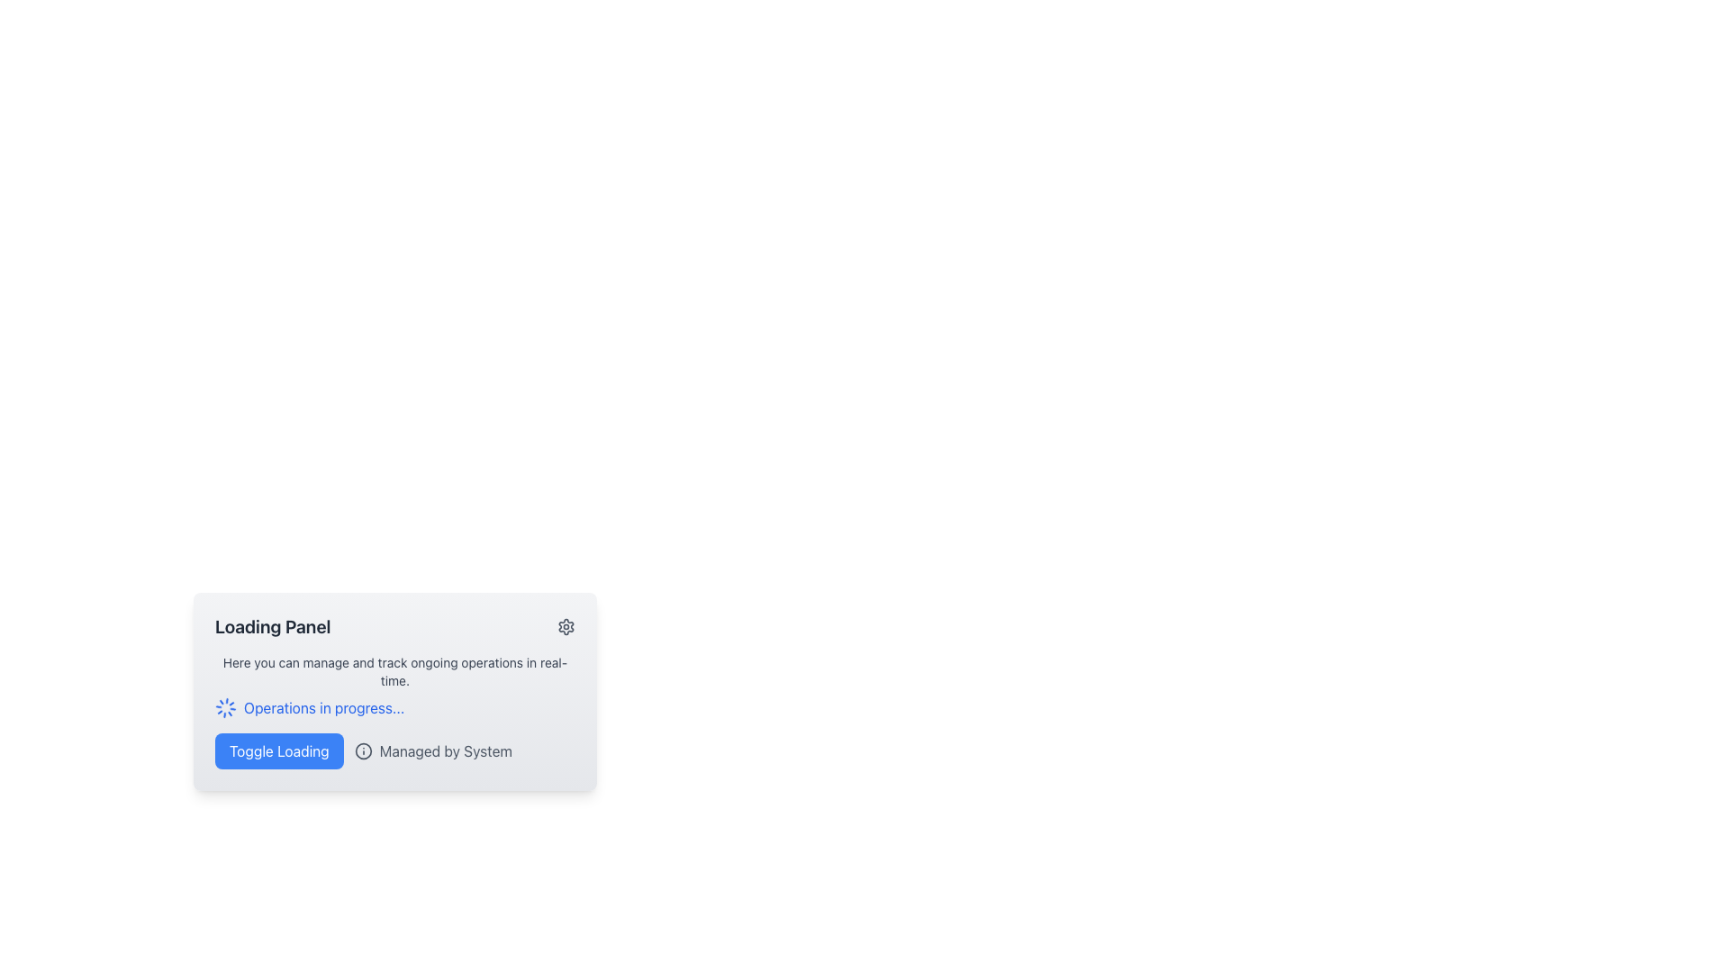  What do you see at coordinates (362, 750) in the screenshot?
I see `details of the circular icon graphic located in the footer section of the card-like component, which has a thin border and is filled with no distinct color` at bounding box center [362, 750].